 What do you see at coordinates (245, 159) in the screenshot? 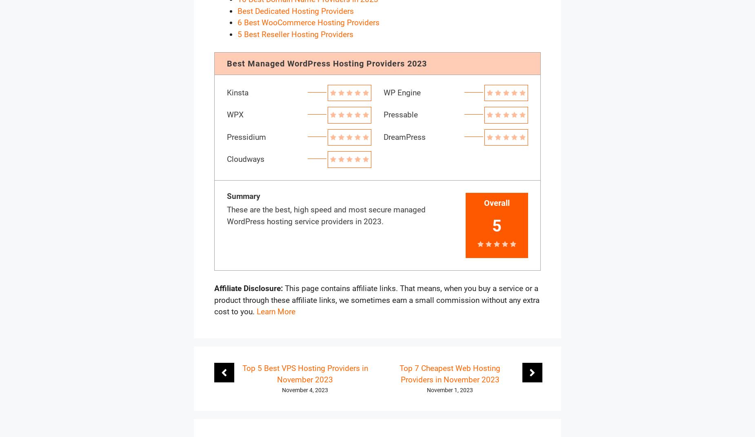
I see `'Cloudways'` at bounding box center [245, 159].